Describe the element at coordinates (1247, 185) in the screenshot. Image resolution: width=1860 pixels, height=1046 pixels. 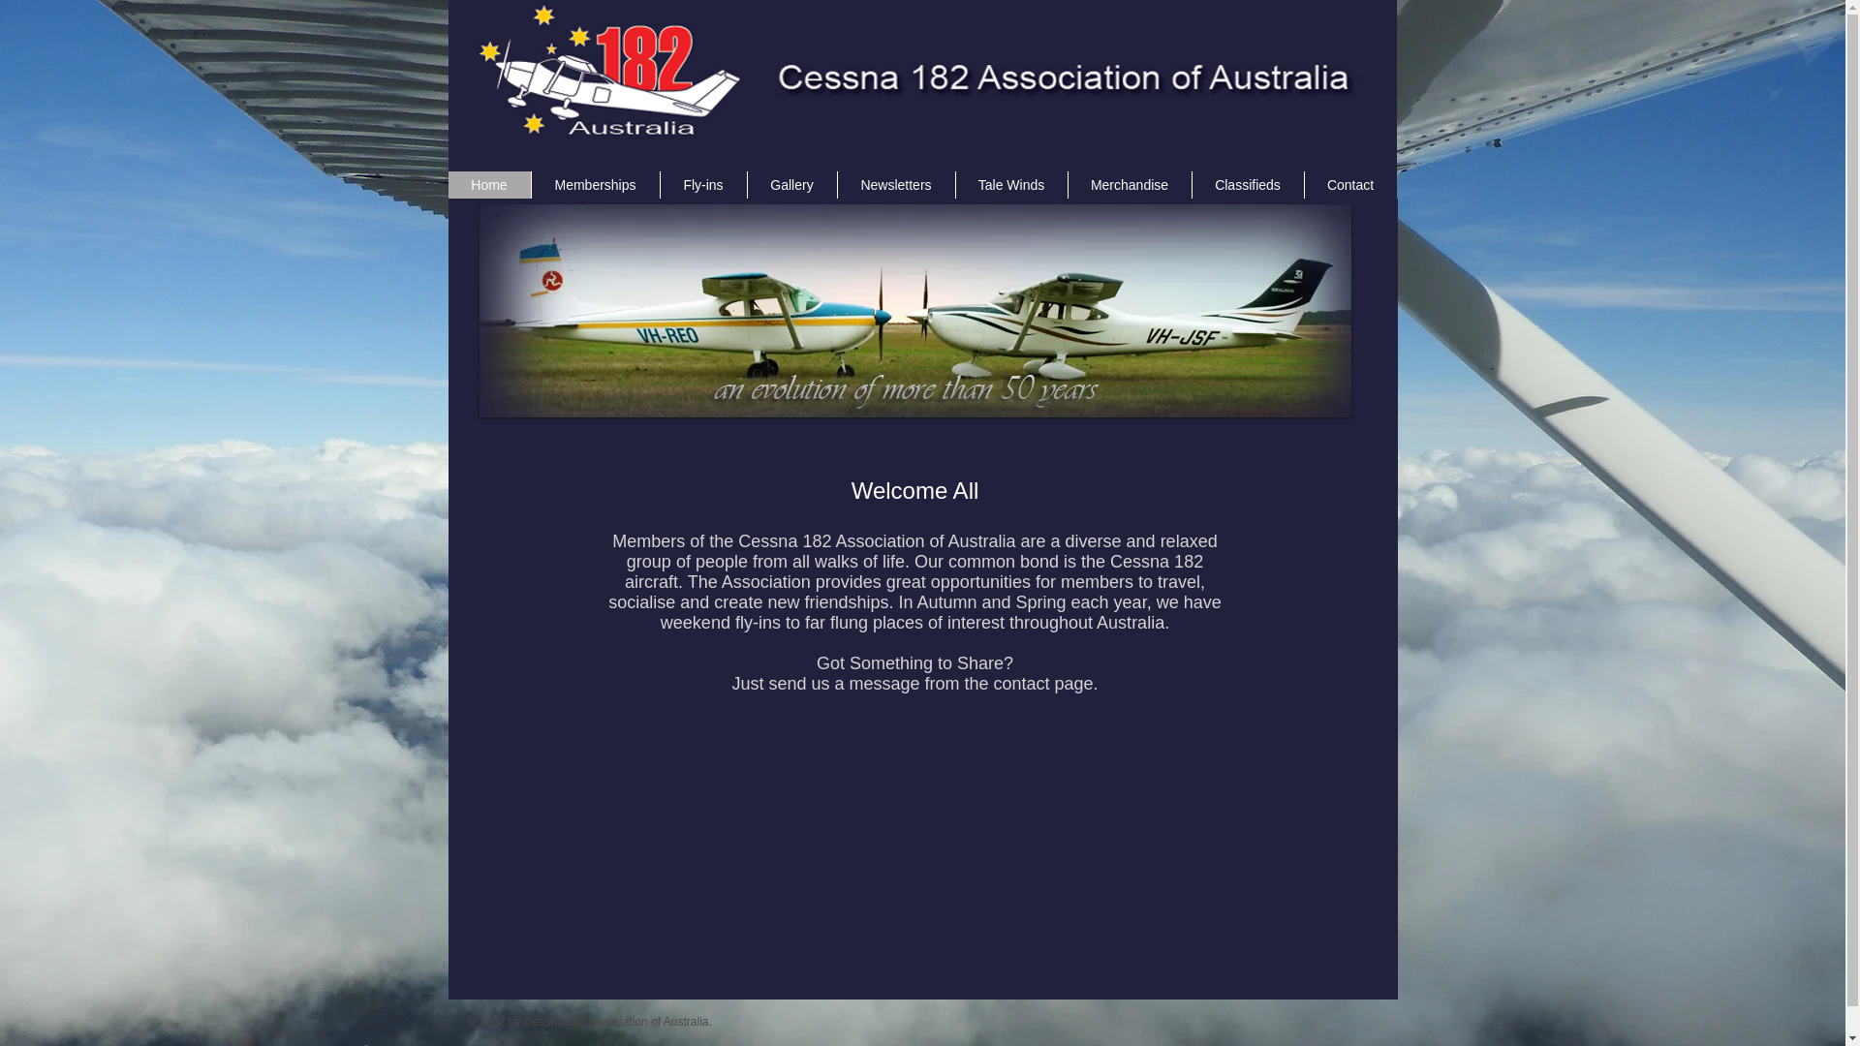
I see `'Classifieds'` at that location.